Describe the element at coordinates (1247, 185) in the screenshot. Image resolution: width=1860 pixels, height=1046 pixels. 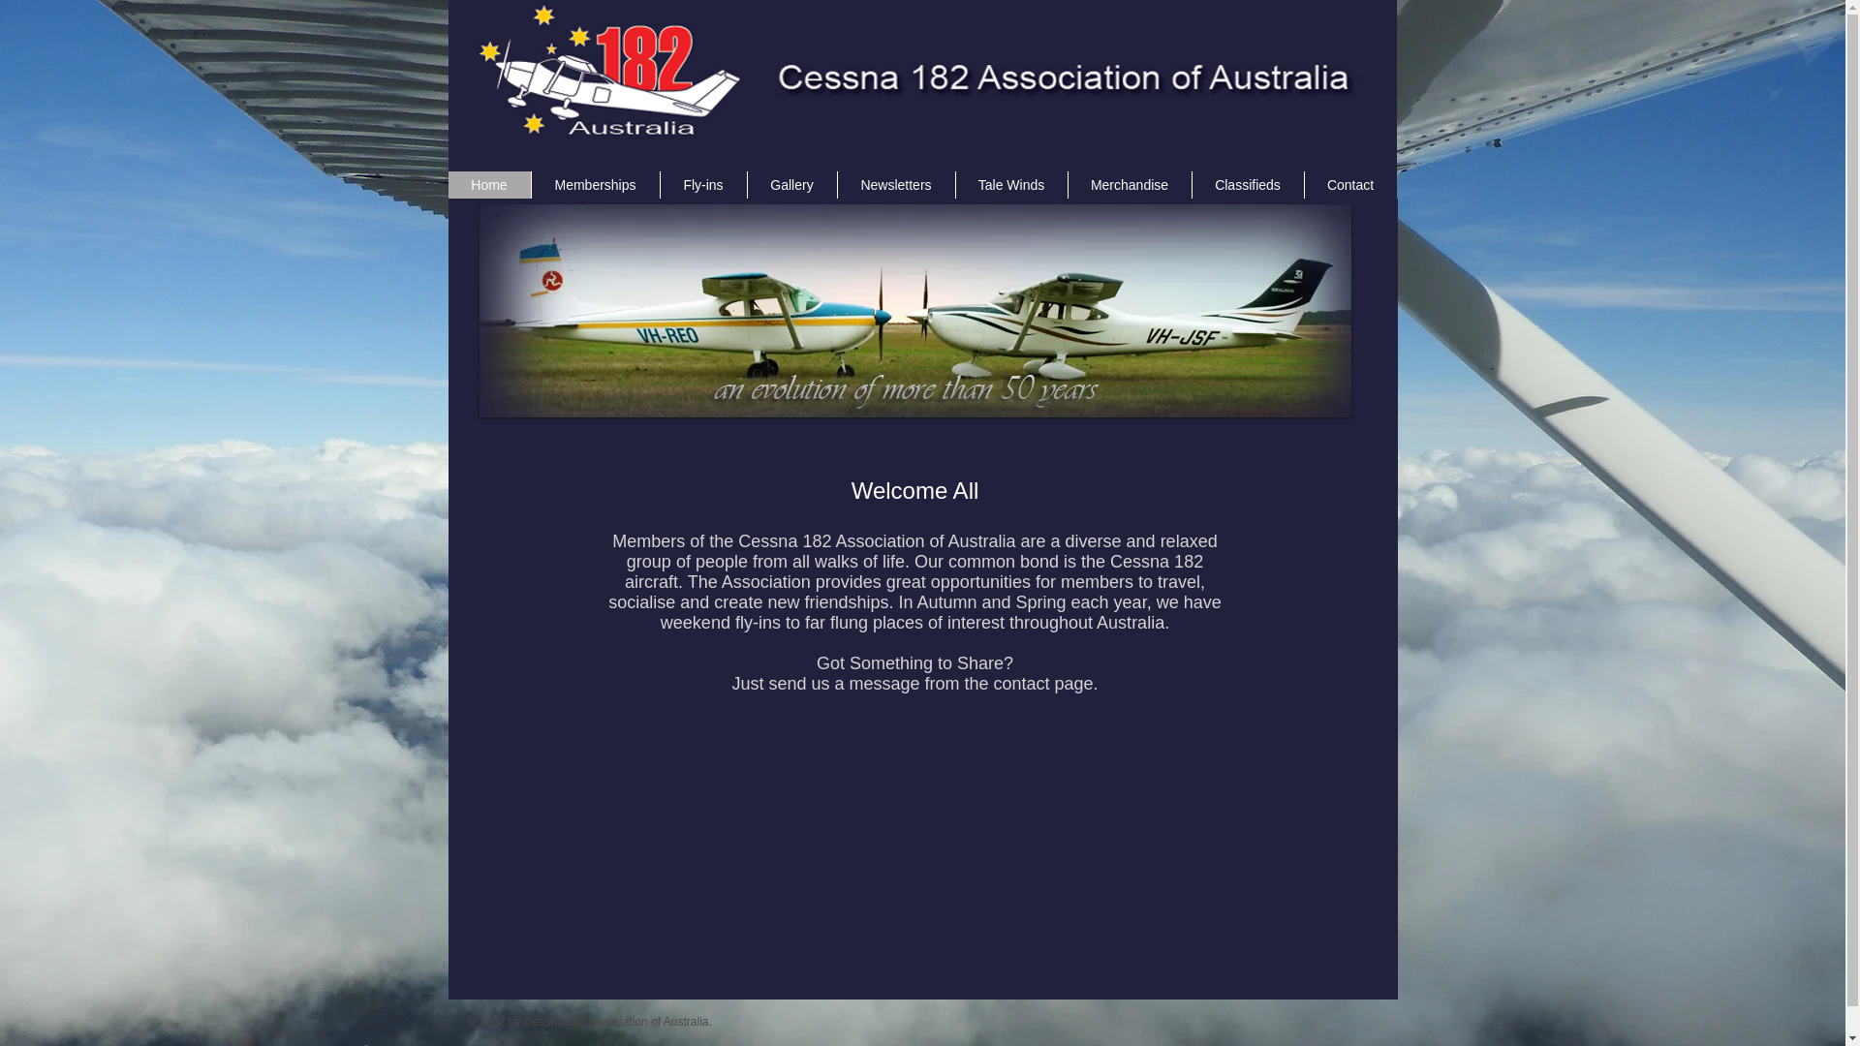
I see `'Classifieds'` at that location.